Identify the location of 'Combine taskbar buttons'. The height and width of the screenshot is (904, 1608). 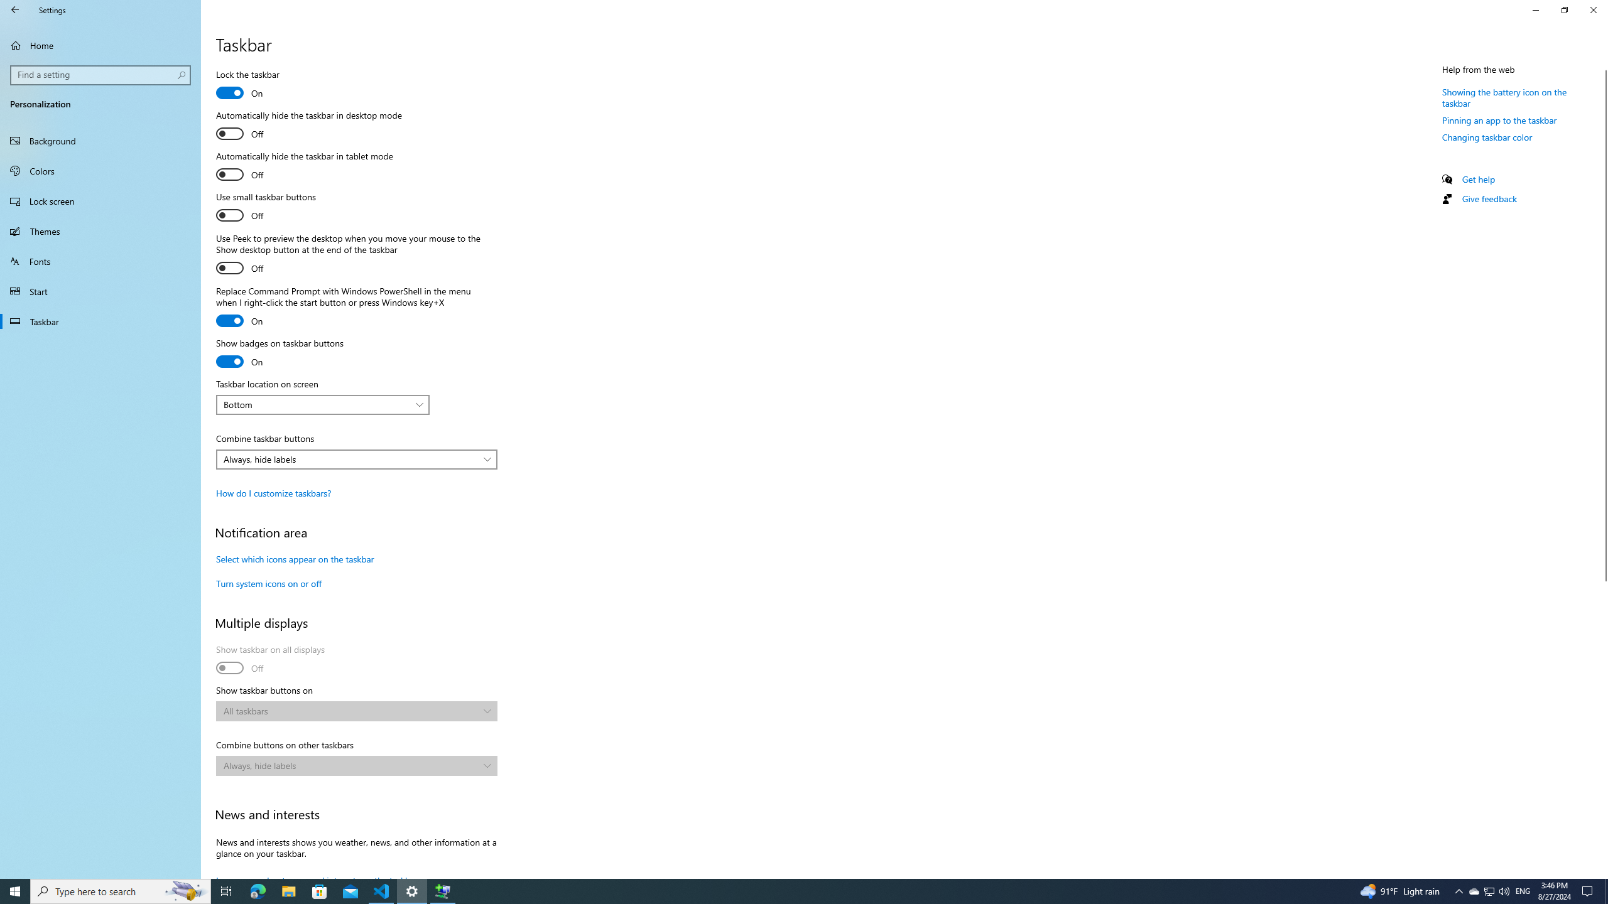
(356, 459).